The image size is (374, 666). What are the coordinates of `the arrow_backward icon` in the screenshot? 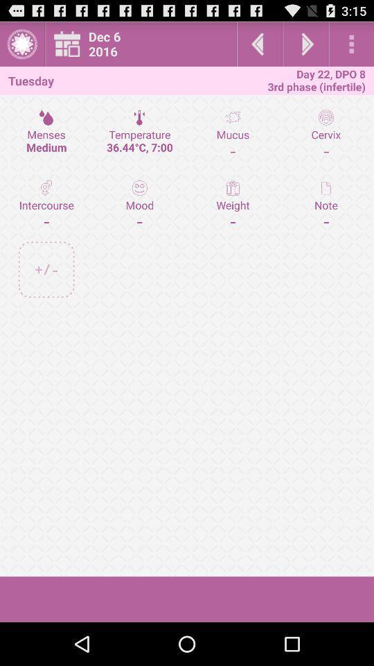 It's located at (259, 47).